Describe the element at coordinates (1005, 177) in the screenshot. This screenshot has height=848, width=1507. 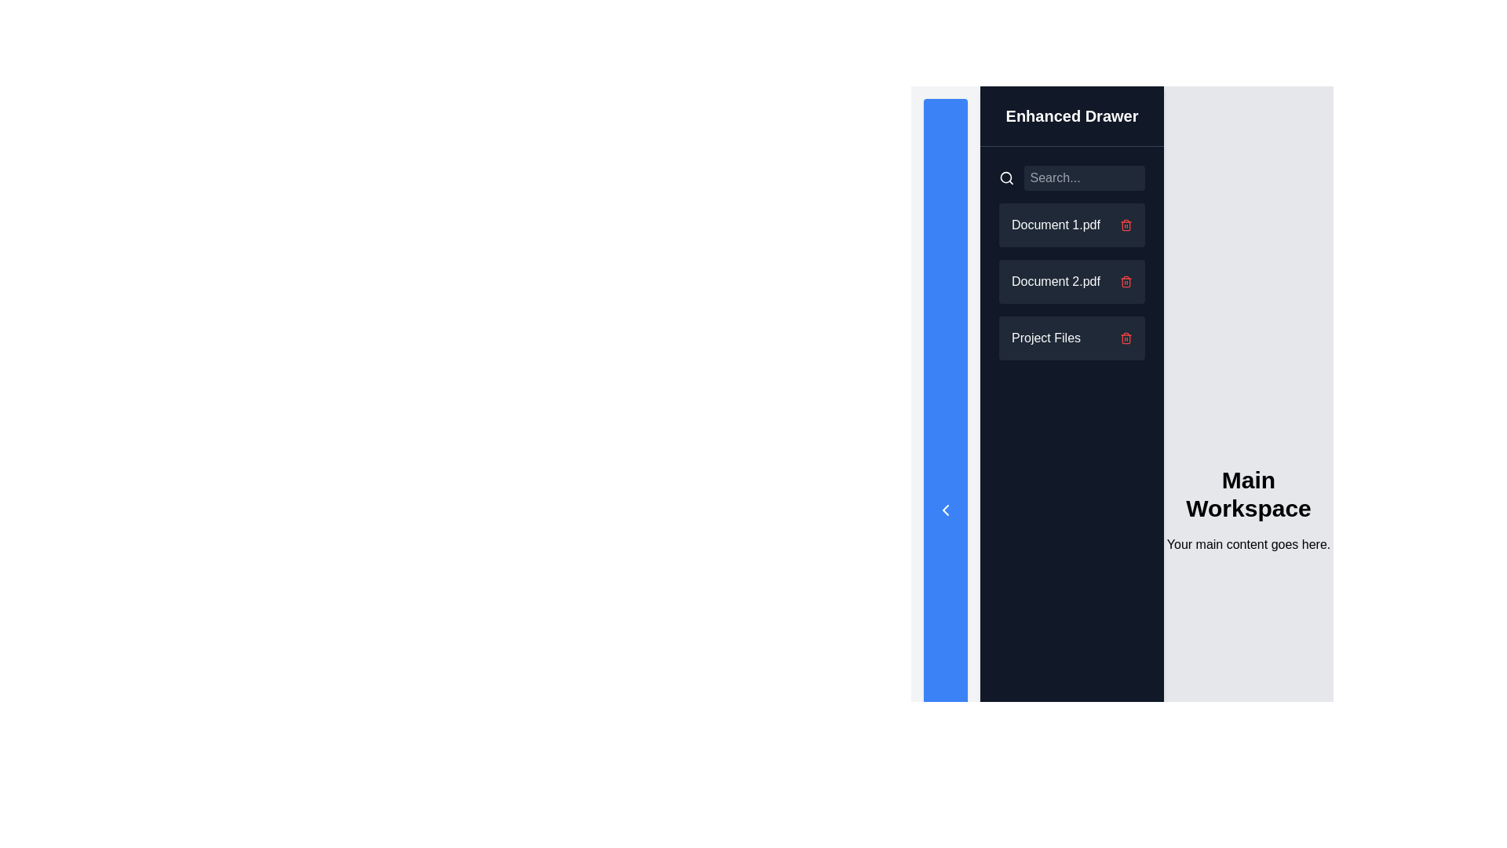
I see `the SVG circle representing the search magnifying glass icon located in the top-left section of the 'Enhanced Drawer' sidebar` at that location.